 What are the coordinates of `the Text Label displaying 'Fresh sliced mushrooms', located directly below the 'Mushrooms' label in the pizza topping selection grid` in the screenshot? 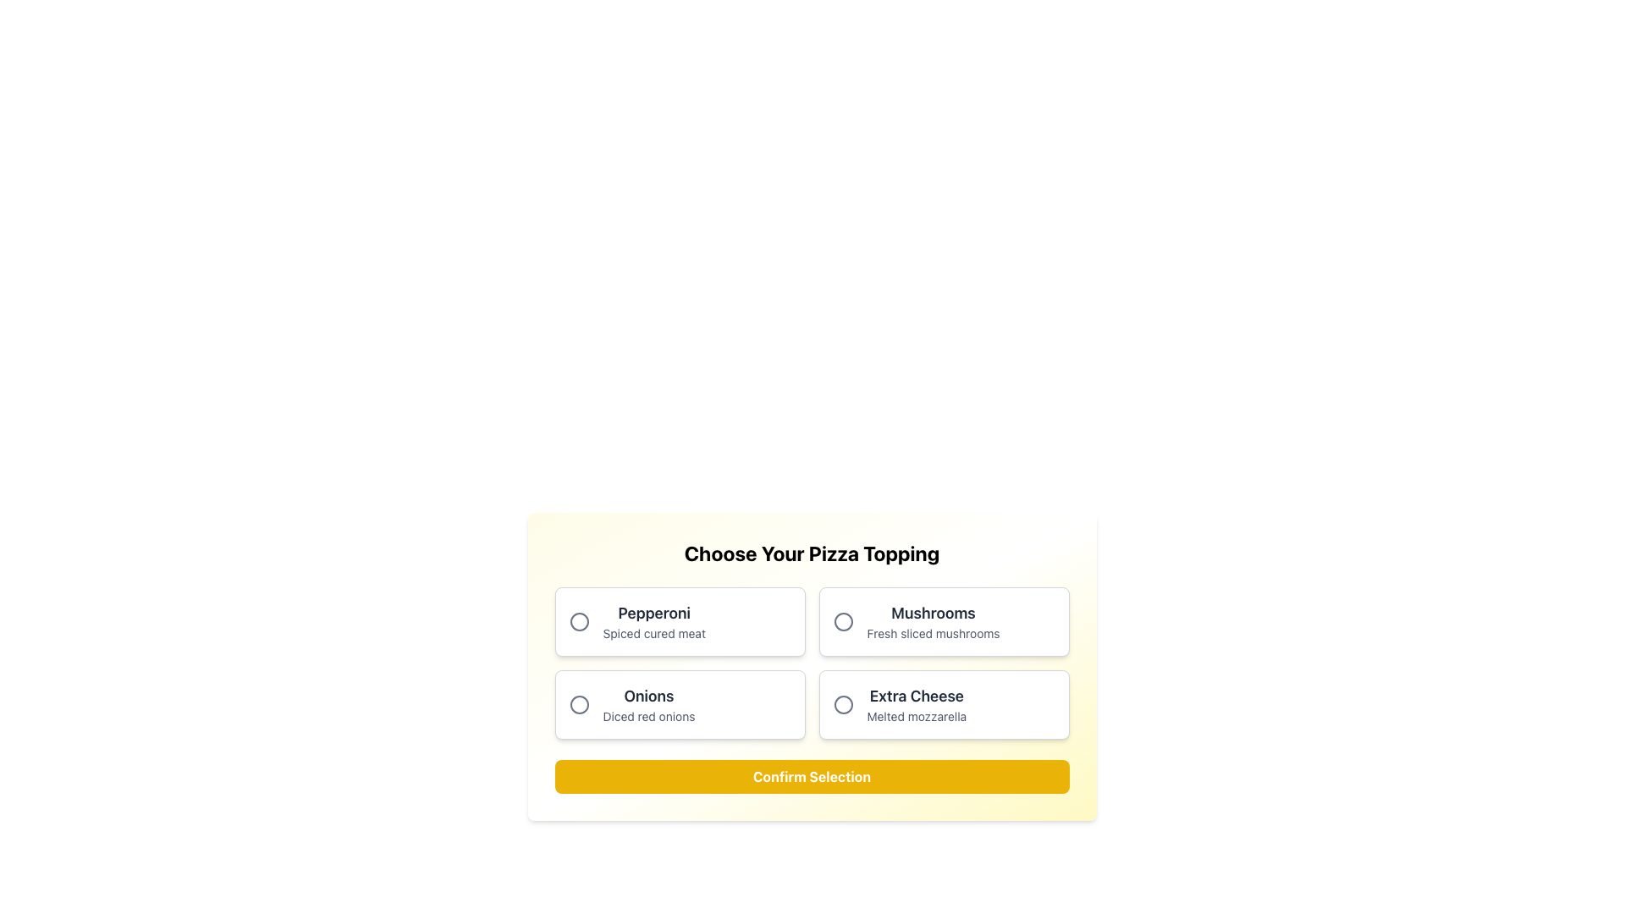 It's located at (933, 633).